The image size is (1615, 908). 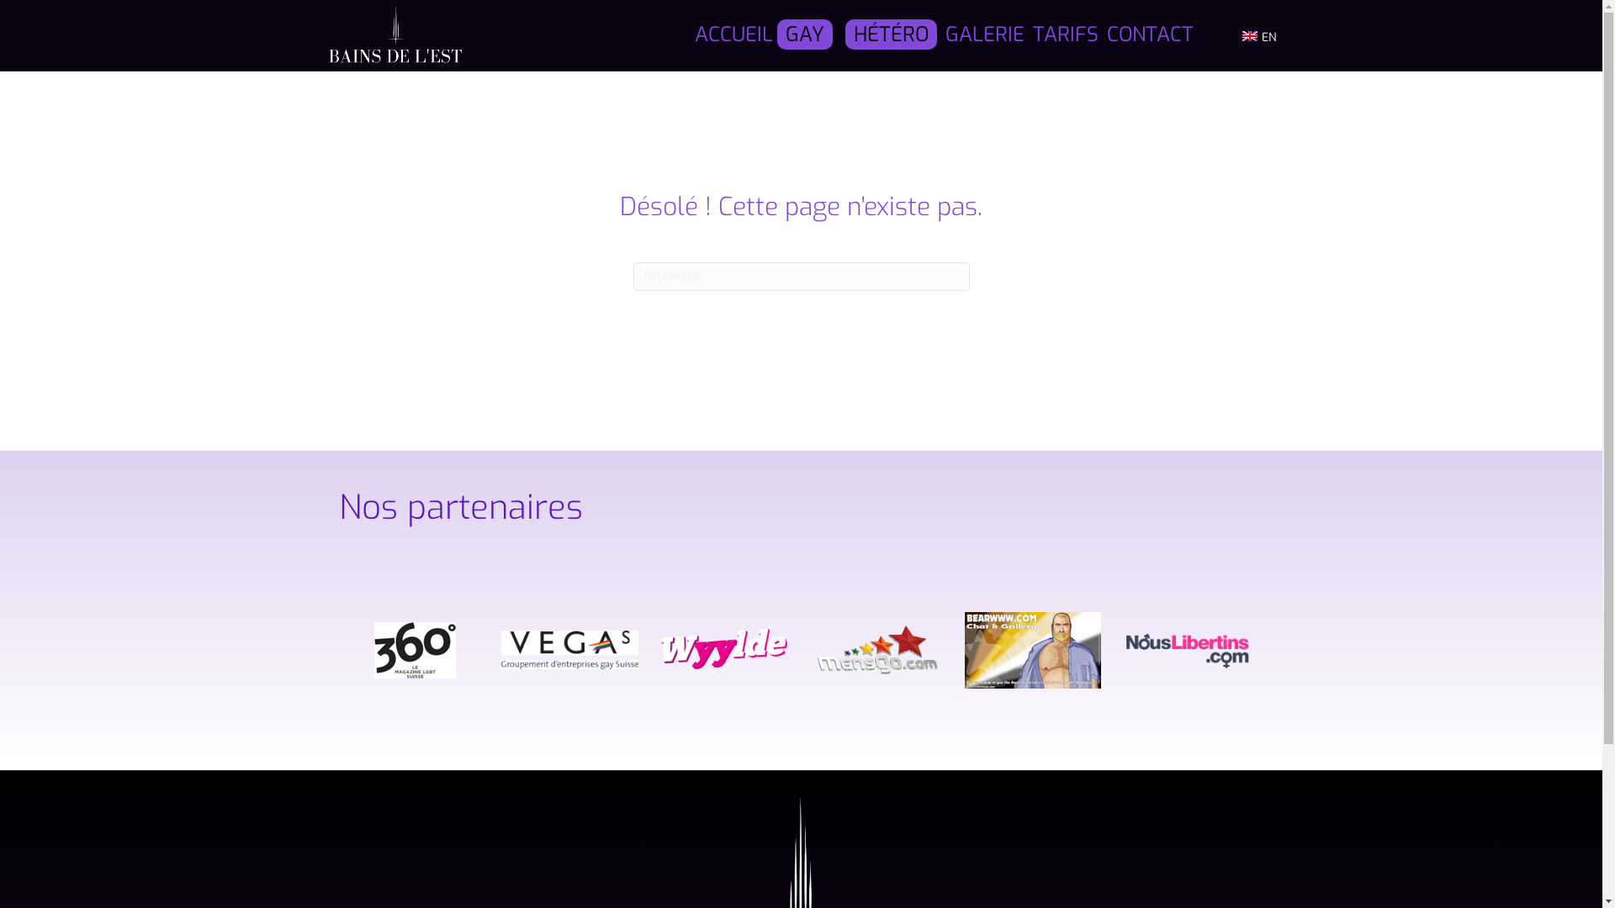 I want to click on 'GALERIE', so click(x=985, y=35).